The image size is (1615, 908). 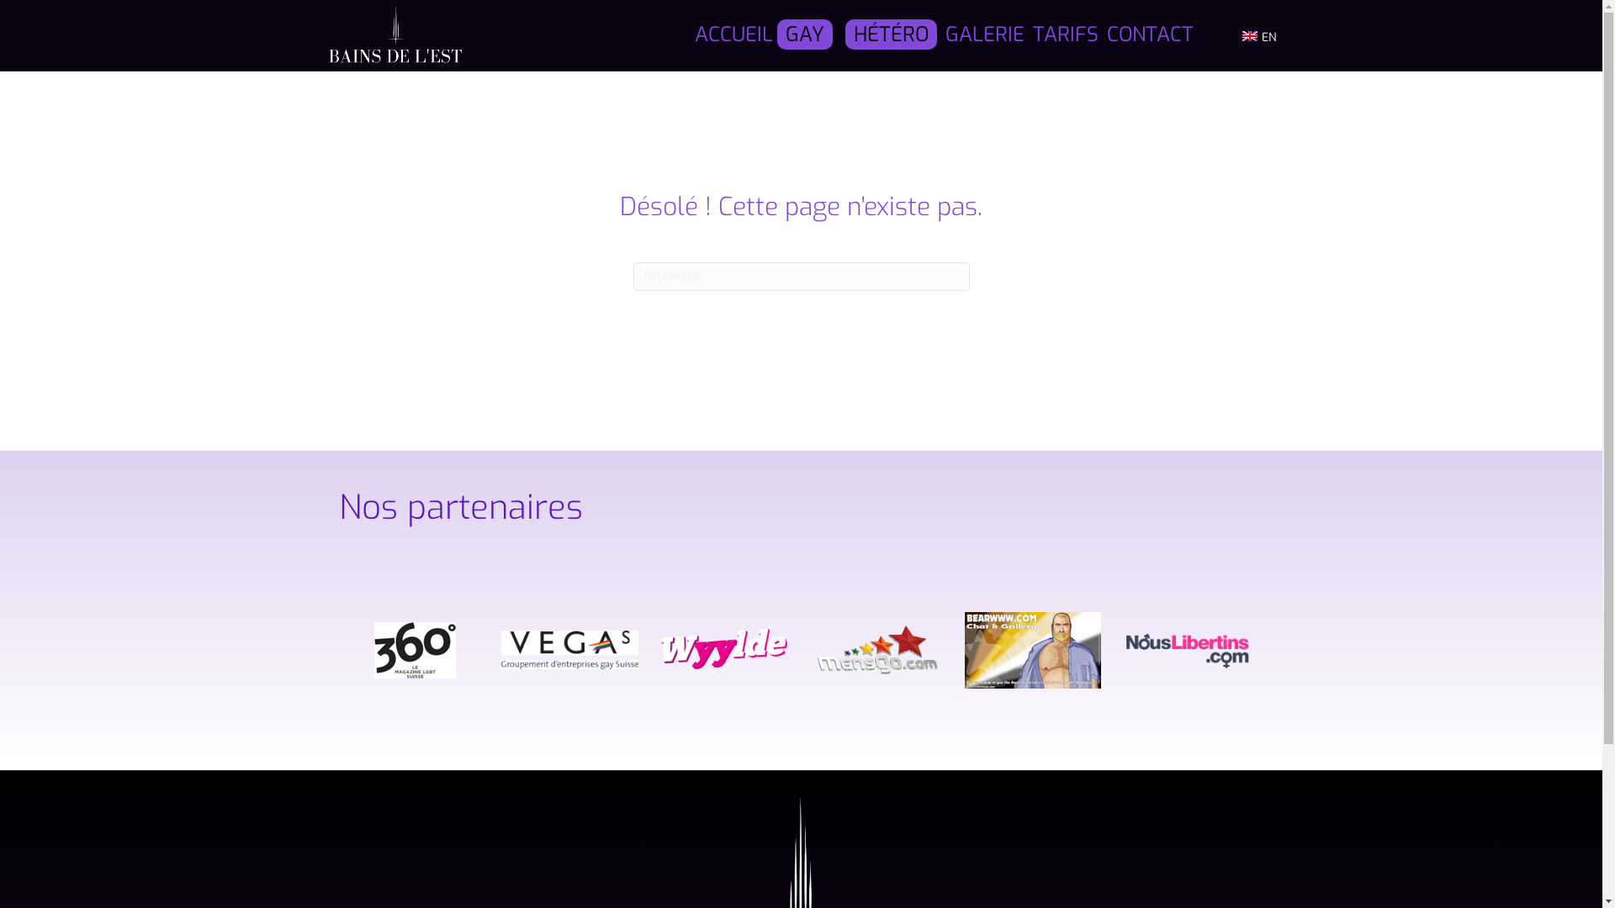 I want to click on 'GALERIE', so click(x=985, y=35).